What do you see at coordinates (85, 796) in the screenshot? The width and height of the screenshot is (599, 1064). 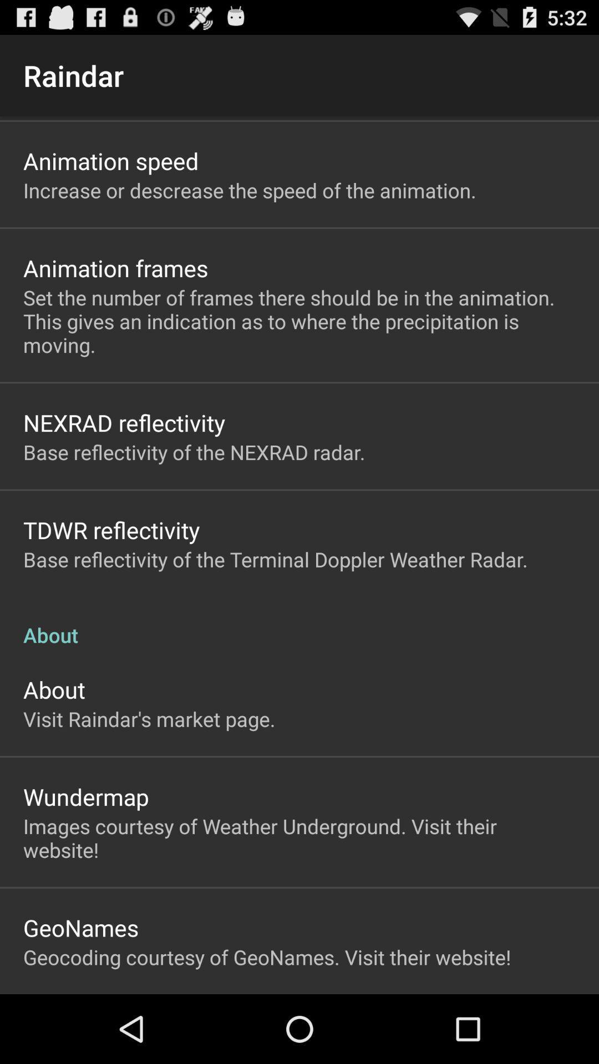 I see `wundermap item` at bounding box center [85, 796].